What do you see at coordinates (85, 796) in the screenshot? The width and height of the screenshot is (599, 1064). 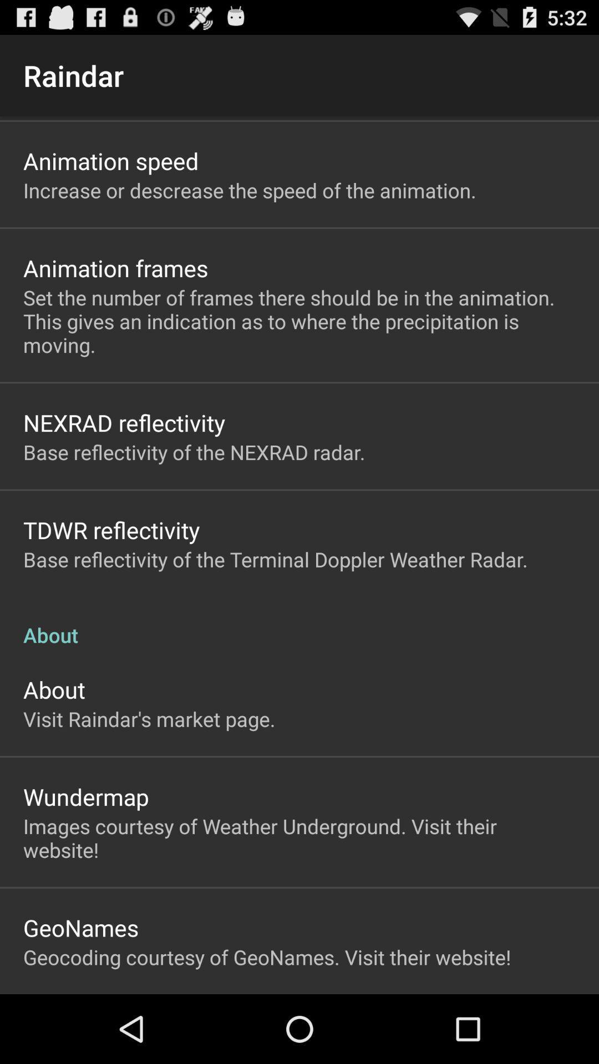 I see `wundermap item` at bounding box center [85, 796].